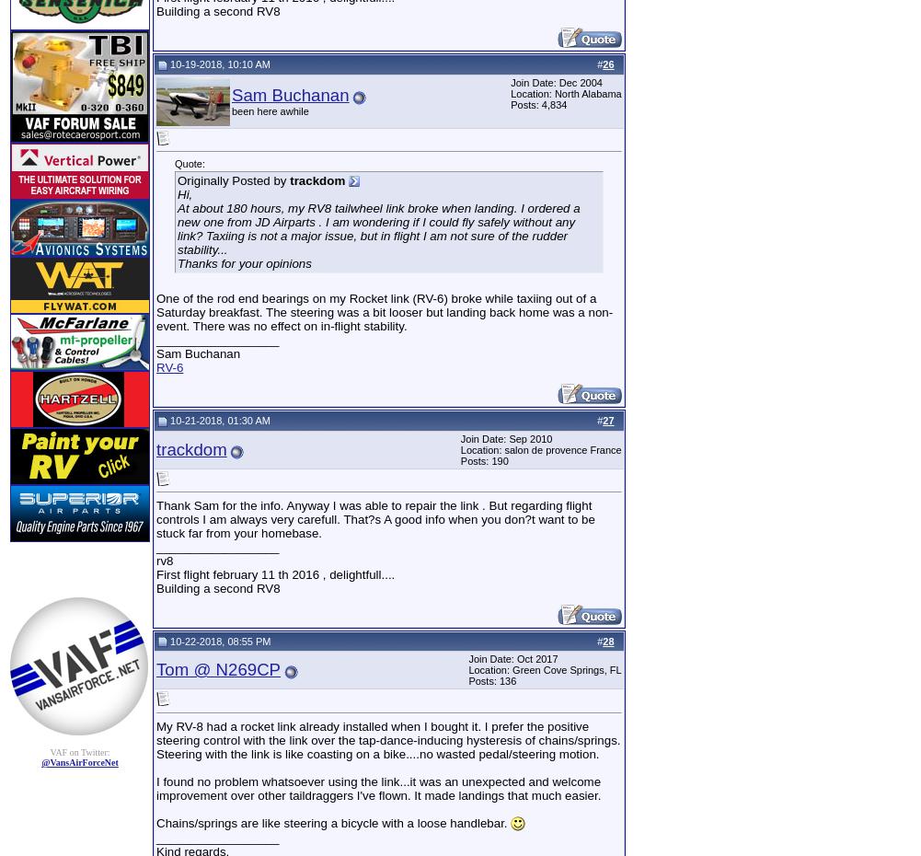 The height and width of the screenshot is (856, 921). What do you see at coordinates (217, 419) in the screenshot?
I see `'10-21-2018, 01:30 AM'` at bounding box center [217, 419].